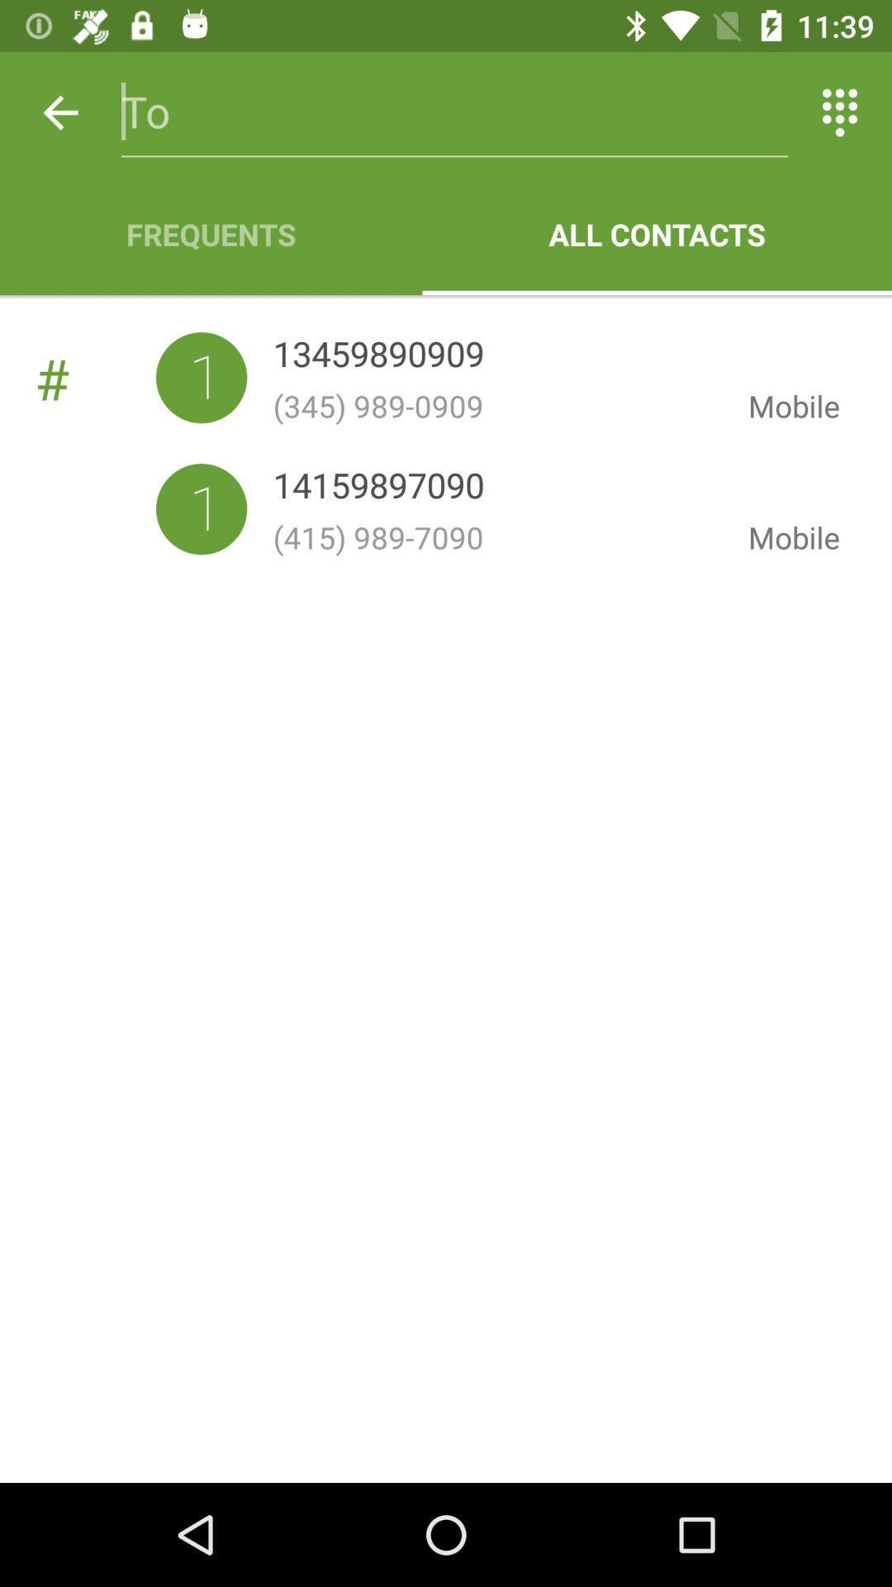  Describe the element at coordinates (656, 233) in the screenshot. I see `item to the right of the frequents icon` at that location.